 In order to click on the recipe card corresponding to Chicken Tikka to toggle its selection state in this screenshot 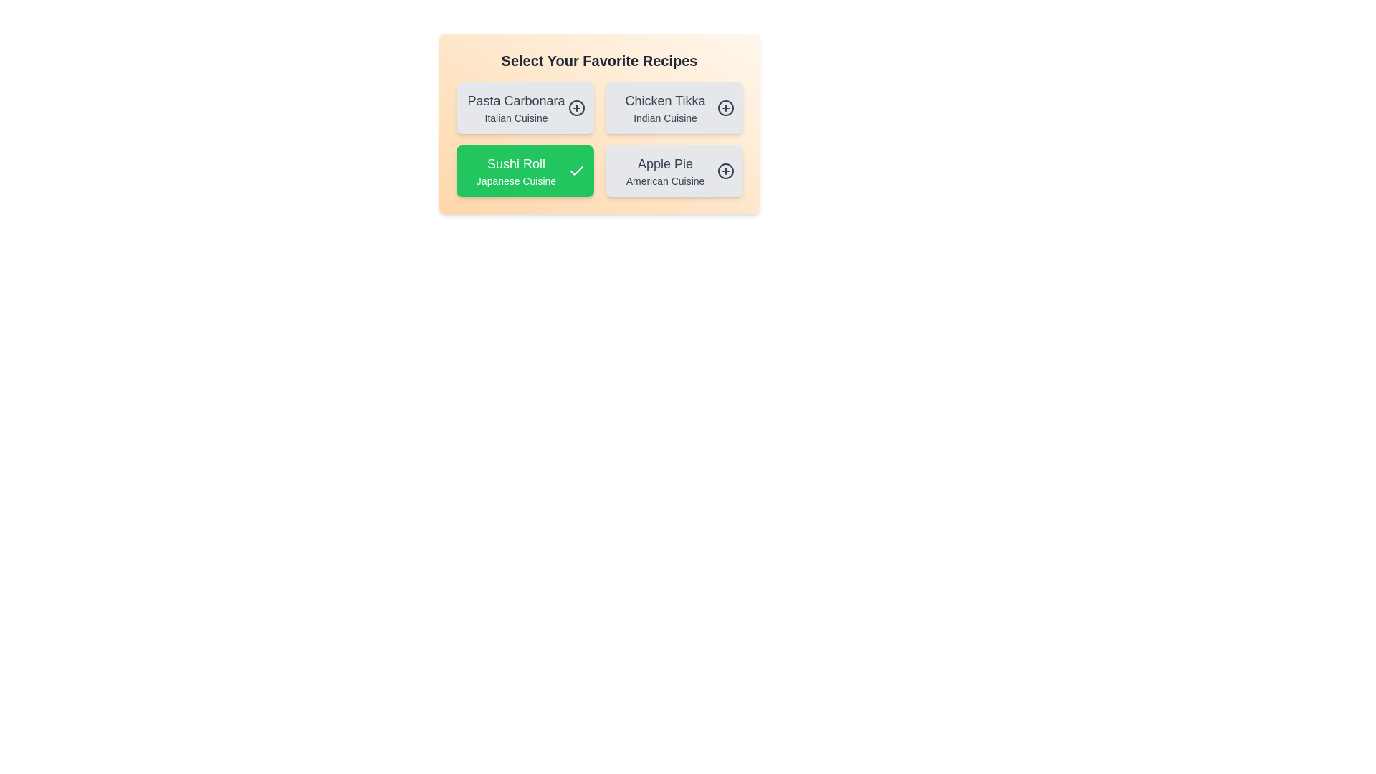, I will do `click(673, 107)`.